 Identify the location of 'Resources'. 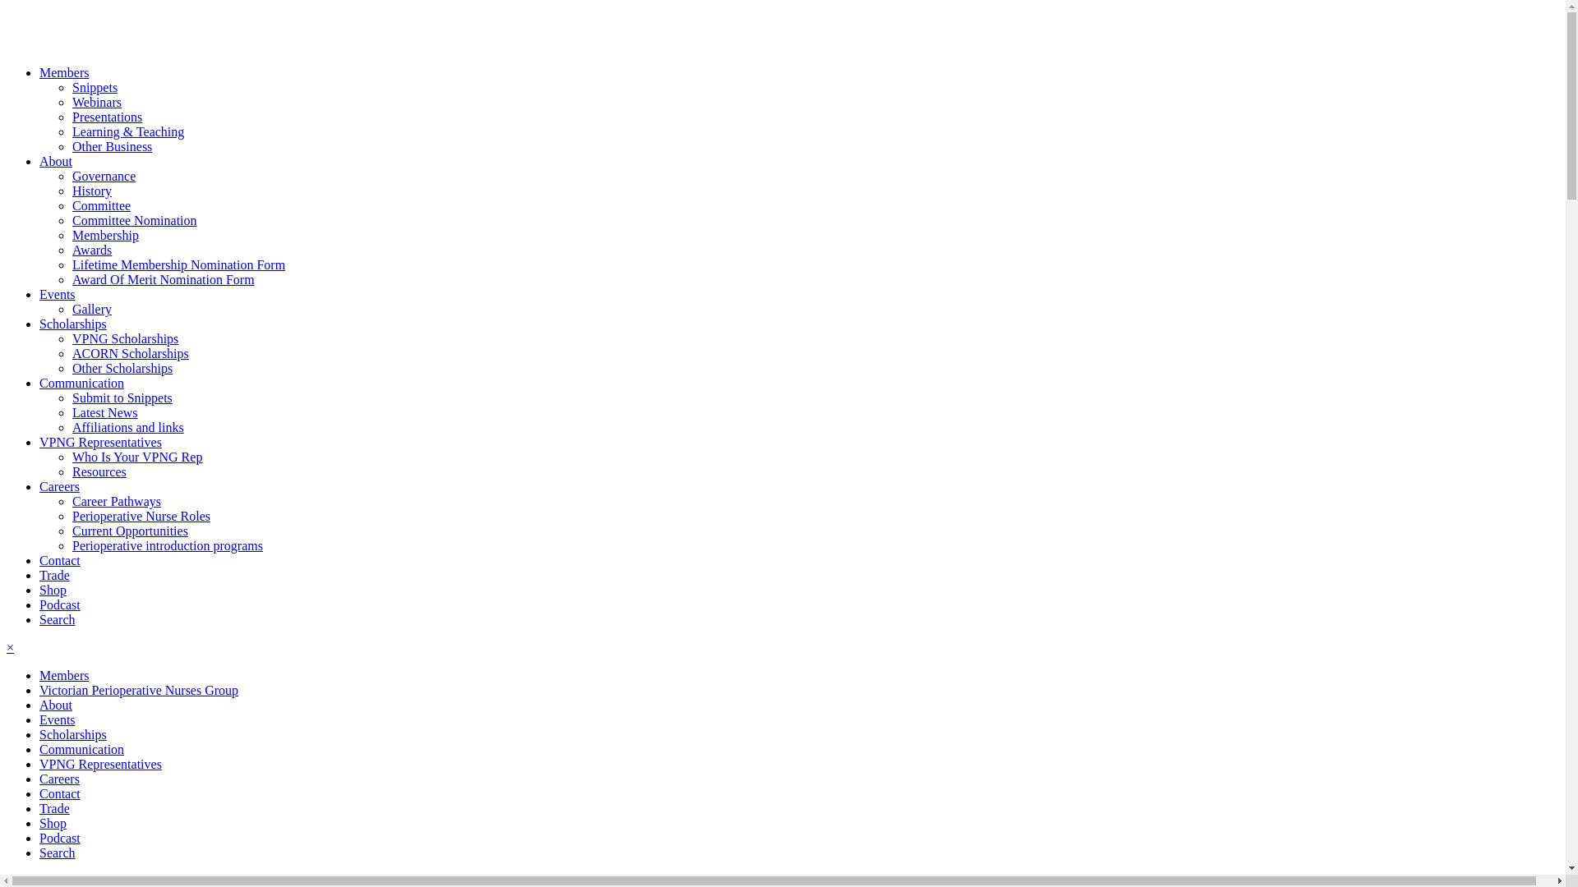
(98, 471).